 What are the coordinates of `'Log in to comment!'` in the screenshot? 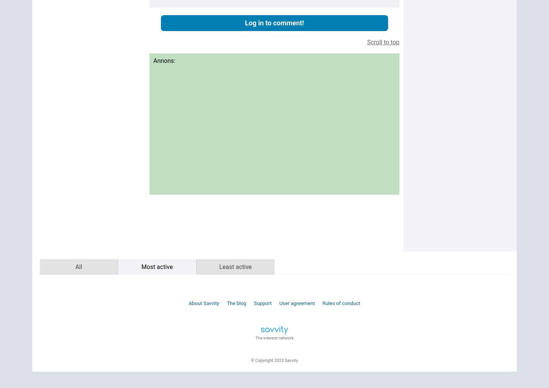 It's located at (274, 22).